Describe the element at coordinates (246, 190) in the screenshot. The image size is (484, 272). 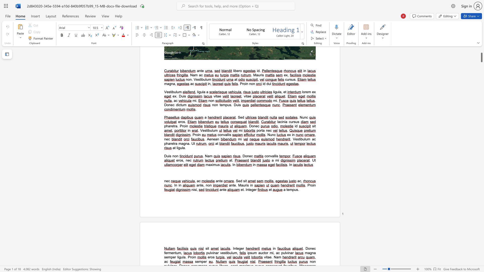
I see `the 1th character "I" in the text` at that location.